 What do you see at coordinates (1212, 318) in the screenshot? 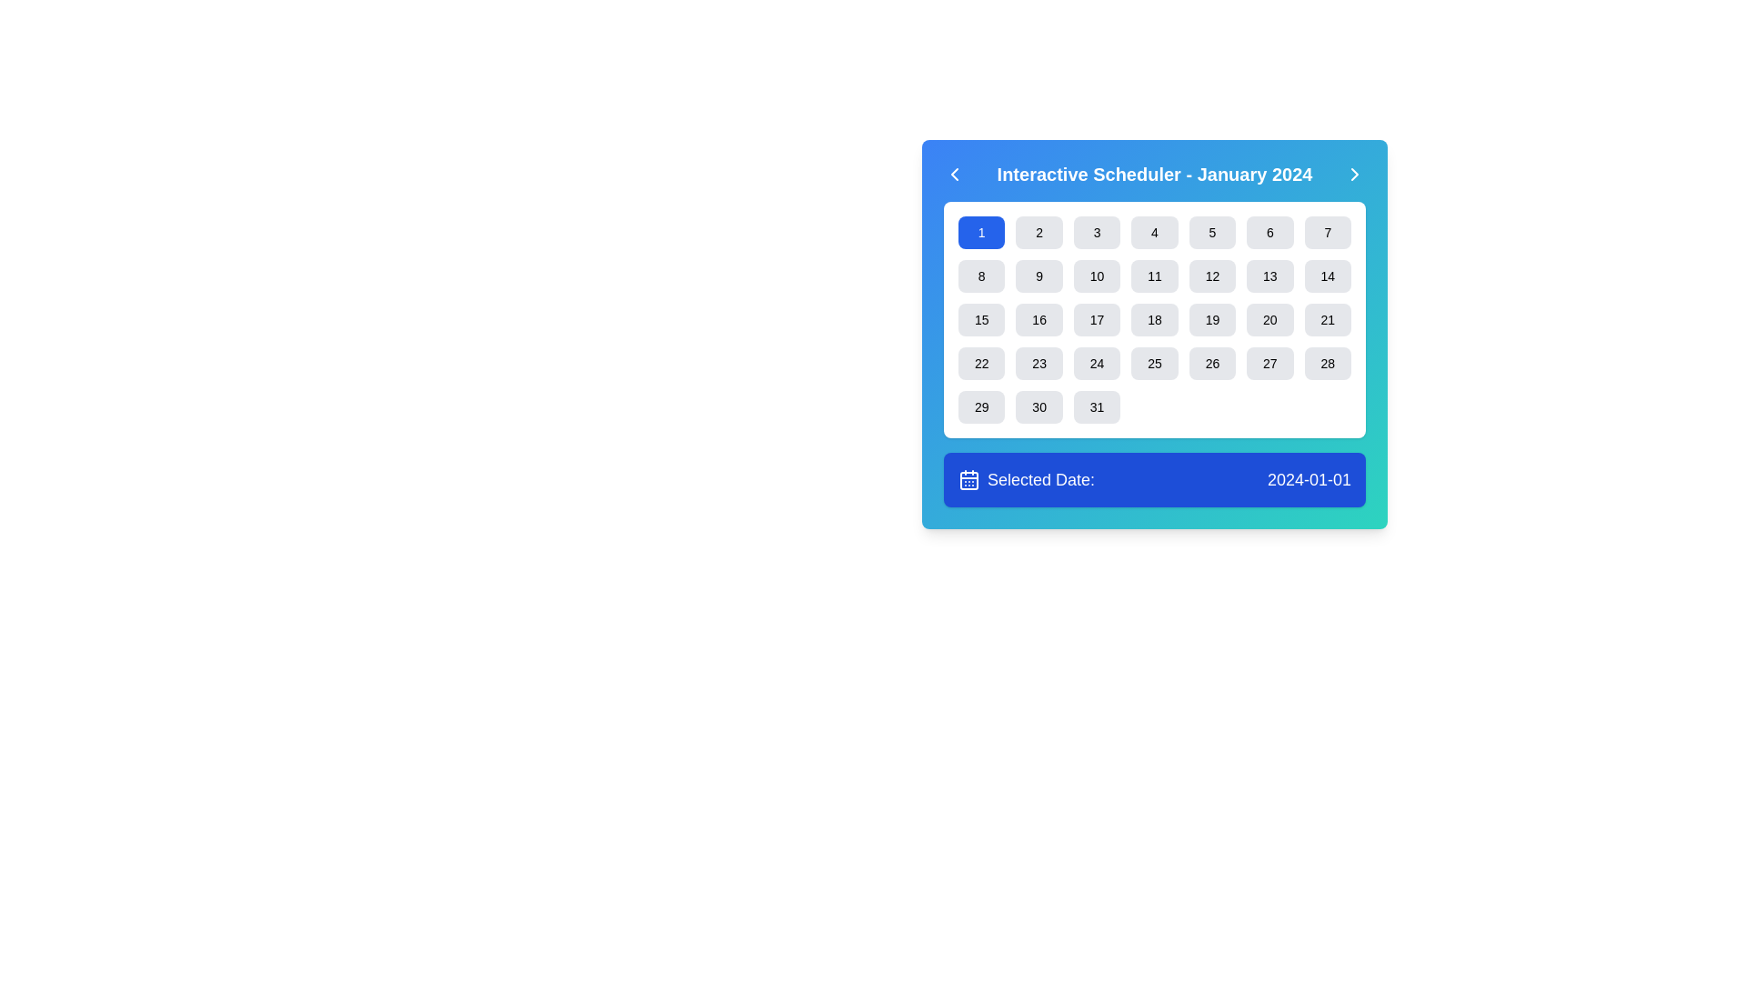
I see `the calendar day button labeled '19'` at bounding box center [1212, 318].